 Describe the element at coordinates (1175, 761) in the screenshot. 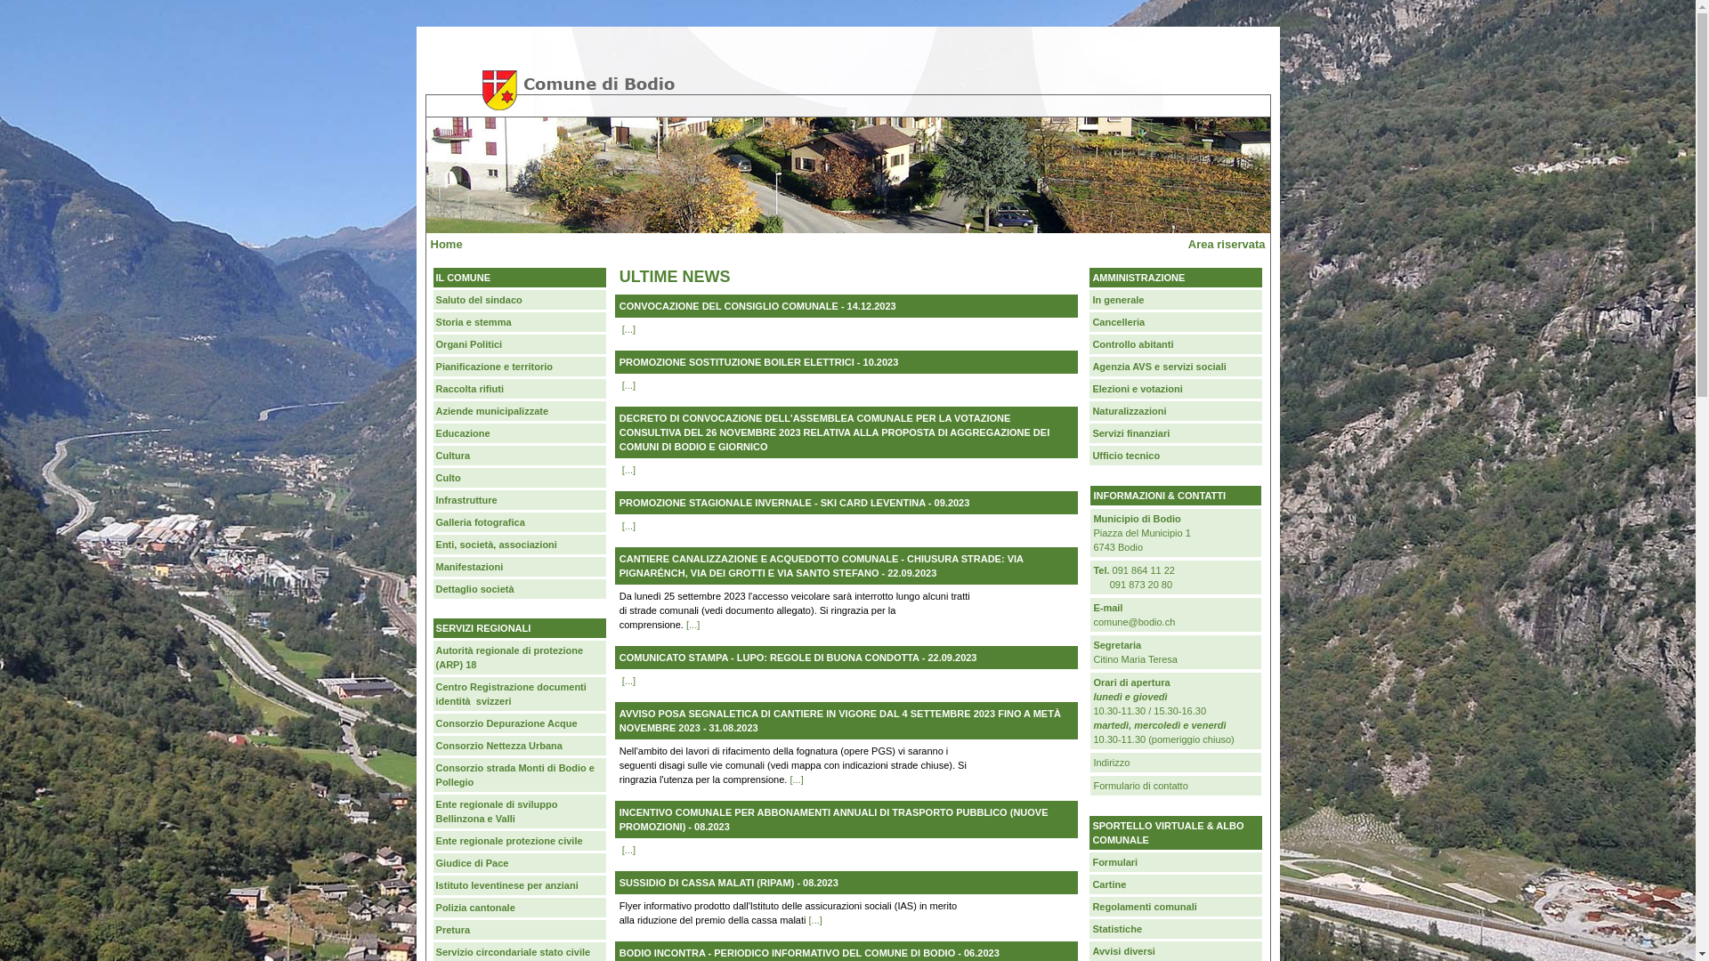

I see `'Indirizzo'` at that location.